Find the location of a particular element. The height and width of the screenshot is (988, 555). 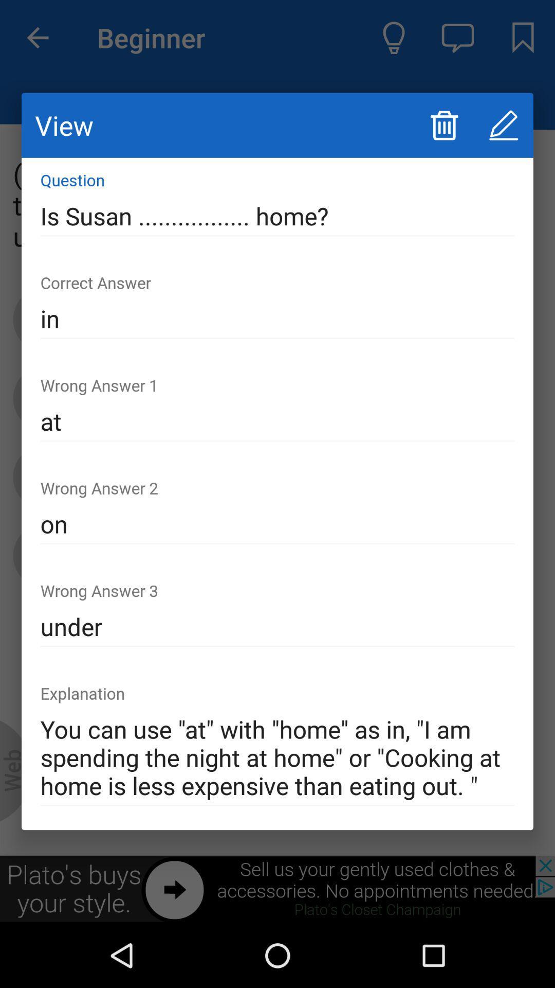

write option is located at coordinates (503, 125).